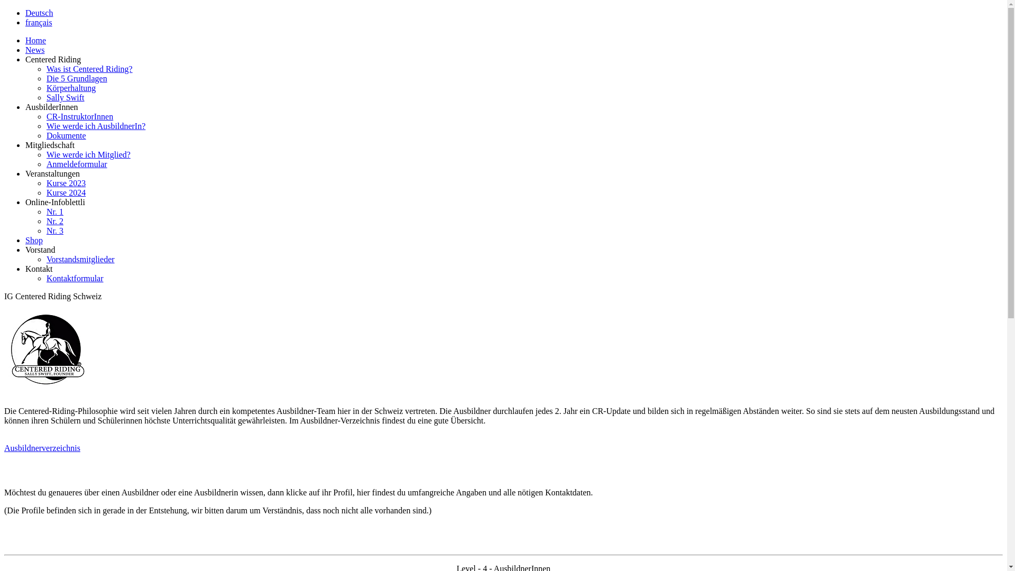 This screenshot has height=571, width=1015. What do you see at coordinates (88, 154) in the screenshot?
I see `'Wie werde ich Mitglied?'` at bounding box center [88, 154].